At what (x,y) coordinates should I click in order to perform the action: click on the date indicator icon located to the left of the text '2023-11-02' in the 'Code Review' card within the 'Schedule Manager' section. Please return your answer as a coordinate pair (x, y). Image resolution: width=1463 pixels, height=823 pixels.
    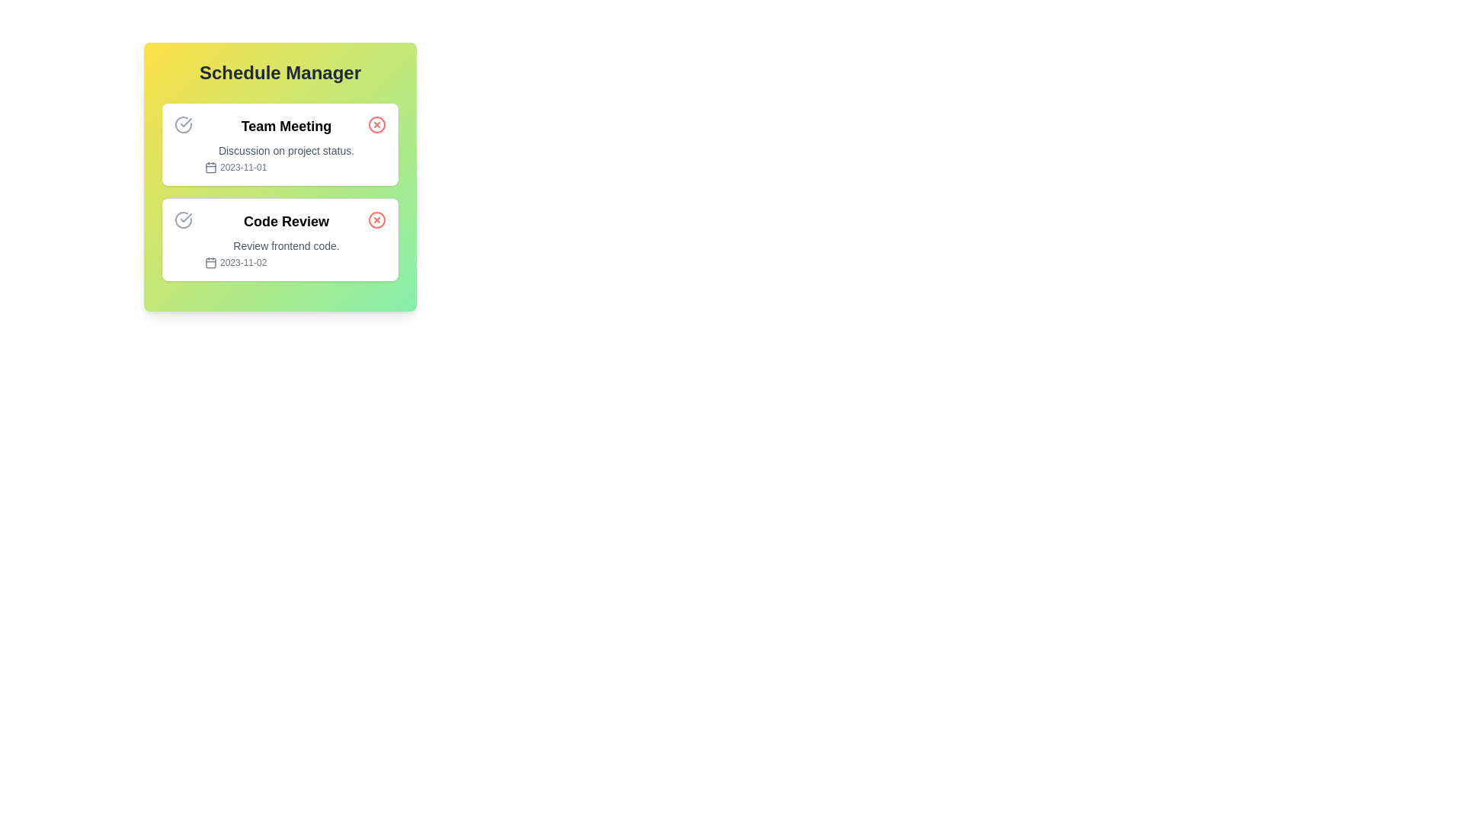
    Looking at the image, I should click on (210, 261).